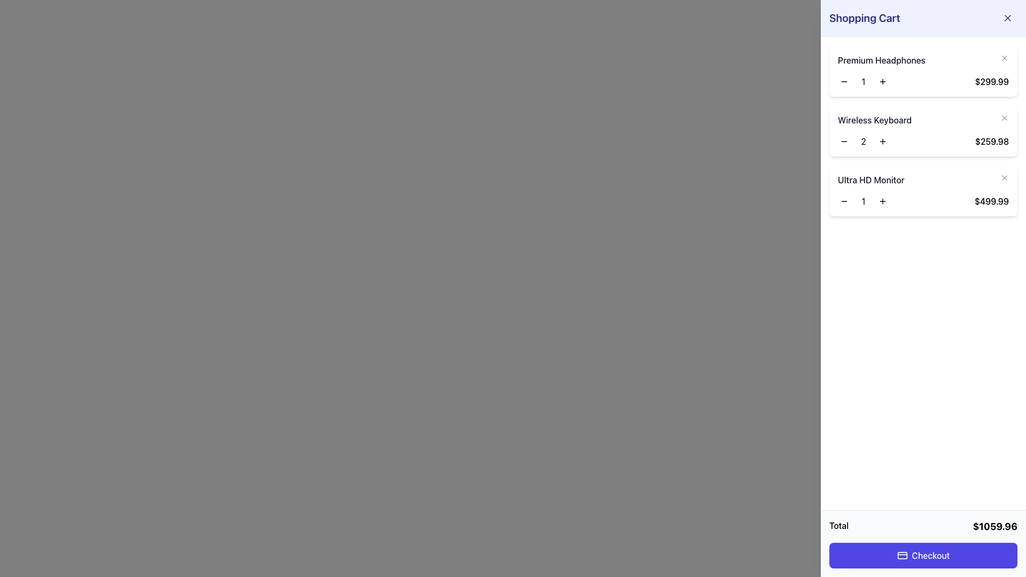 Image resolution: width=1026 pixels, height=577 pixels. I want to click on the text element displaying the number '1' in the shopping cart interface for the 'Ultra HD Monitor' product, which is centrally aligned and located between the minus and plus buttons, so click(864, 201).